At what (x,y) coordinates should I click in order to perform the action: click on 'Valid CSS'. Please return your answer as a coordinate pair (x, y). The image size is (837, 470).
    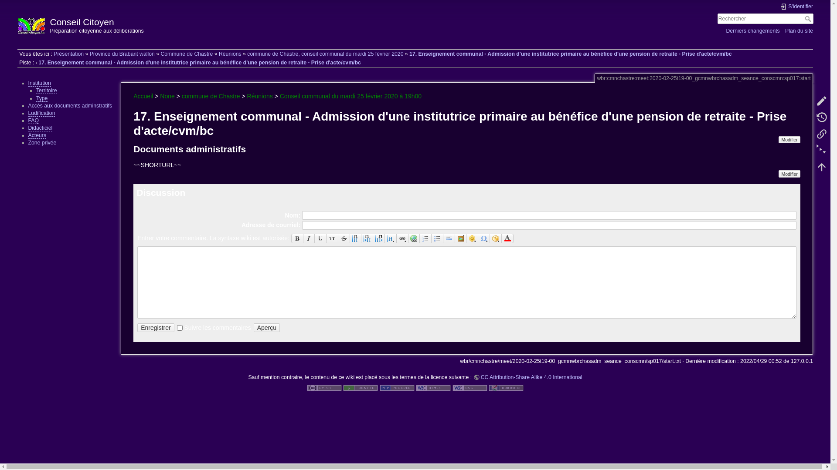
    Looking at the image, I should click on (470, 387).